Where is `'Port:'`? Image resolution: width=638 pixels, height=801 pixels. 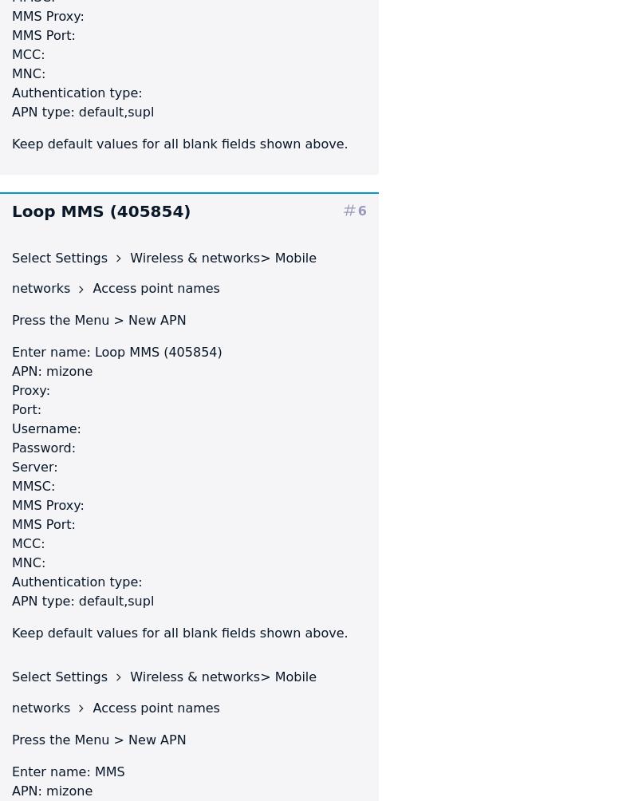 'Port:' is located at coordinates (11, 409).